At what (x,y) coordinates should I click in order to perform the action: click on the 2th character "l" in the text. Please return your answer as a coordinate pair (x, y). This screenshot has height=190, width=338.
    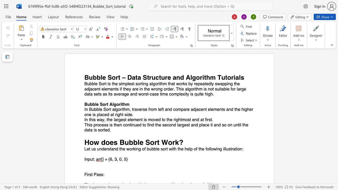
    Looking at the image, I should click on (130, 120).